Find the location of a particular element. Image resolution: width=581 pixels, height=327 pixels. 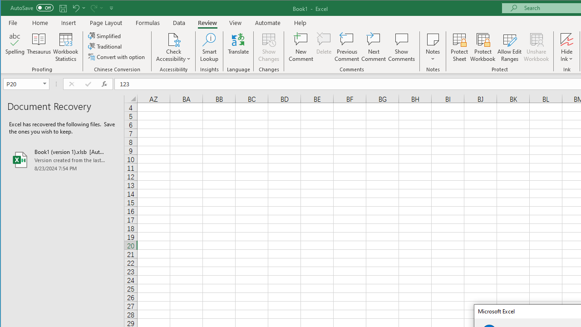

'Protect Sheet...' is located at coordinates (459, 47).